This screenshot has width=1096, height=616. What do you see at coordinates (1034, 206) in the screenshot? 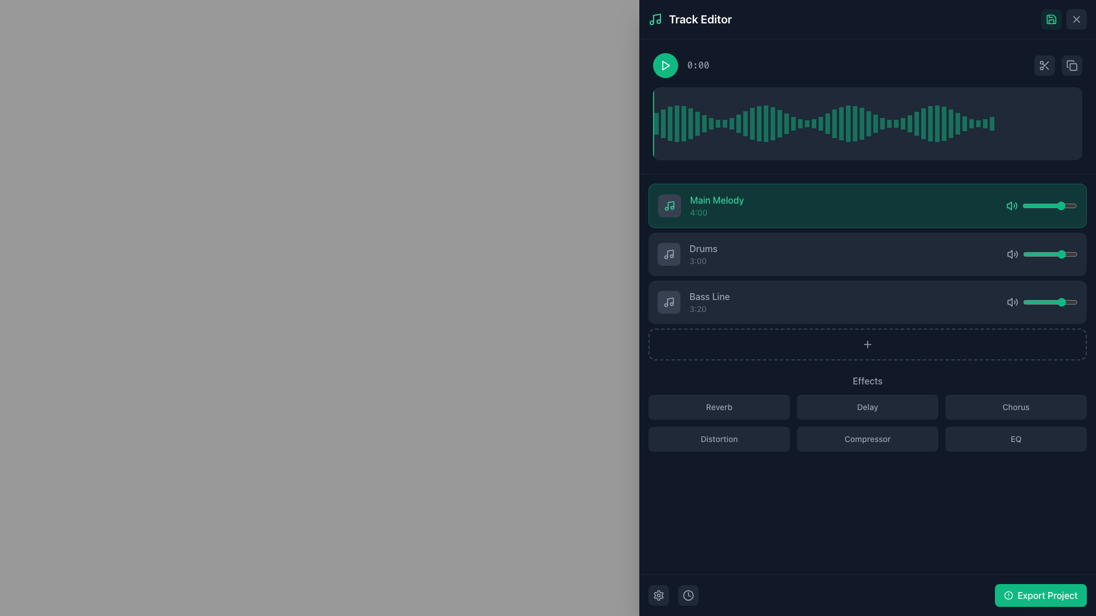
I see `the slider value` at bounding box center [1034, 206].